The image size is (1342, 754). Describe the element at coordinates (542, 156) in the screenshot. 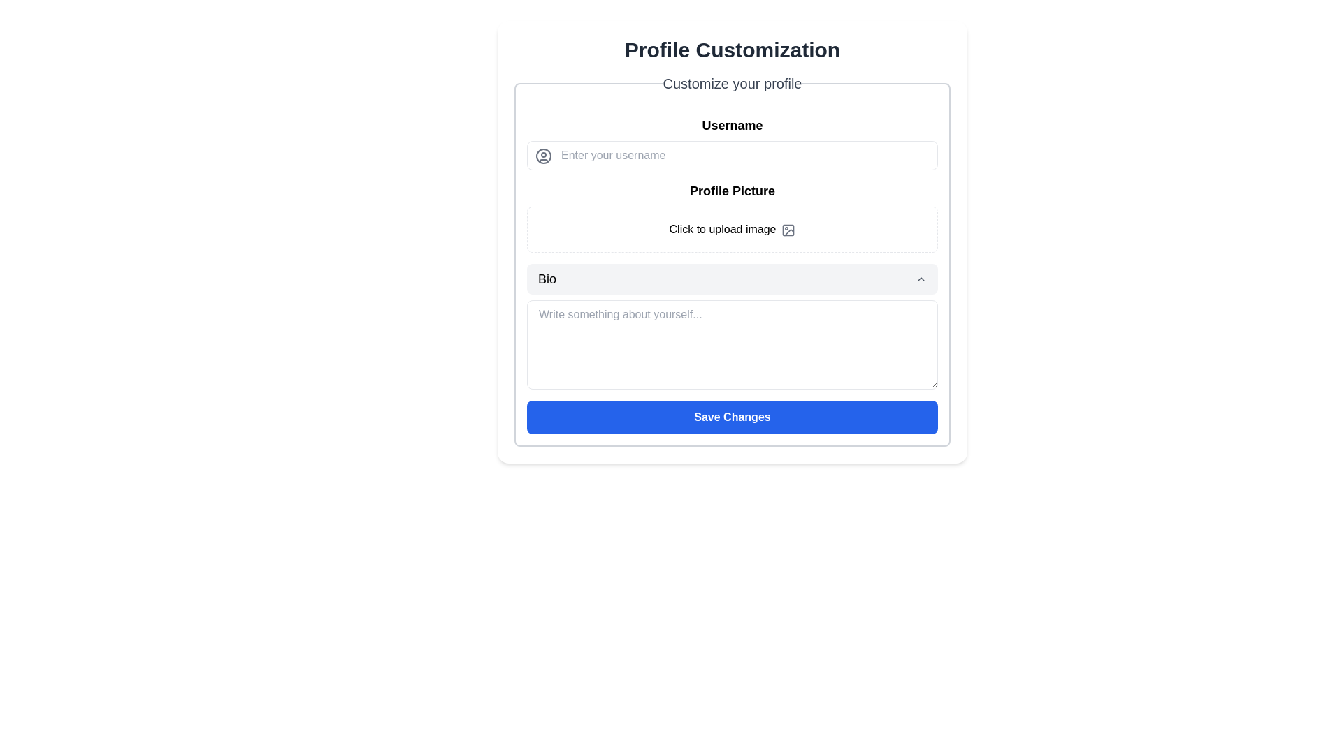

I see `the decorative icon located to the left of the 'Enter your username' input field, which serves as a visual cue for the input functionality` at that location.